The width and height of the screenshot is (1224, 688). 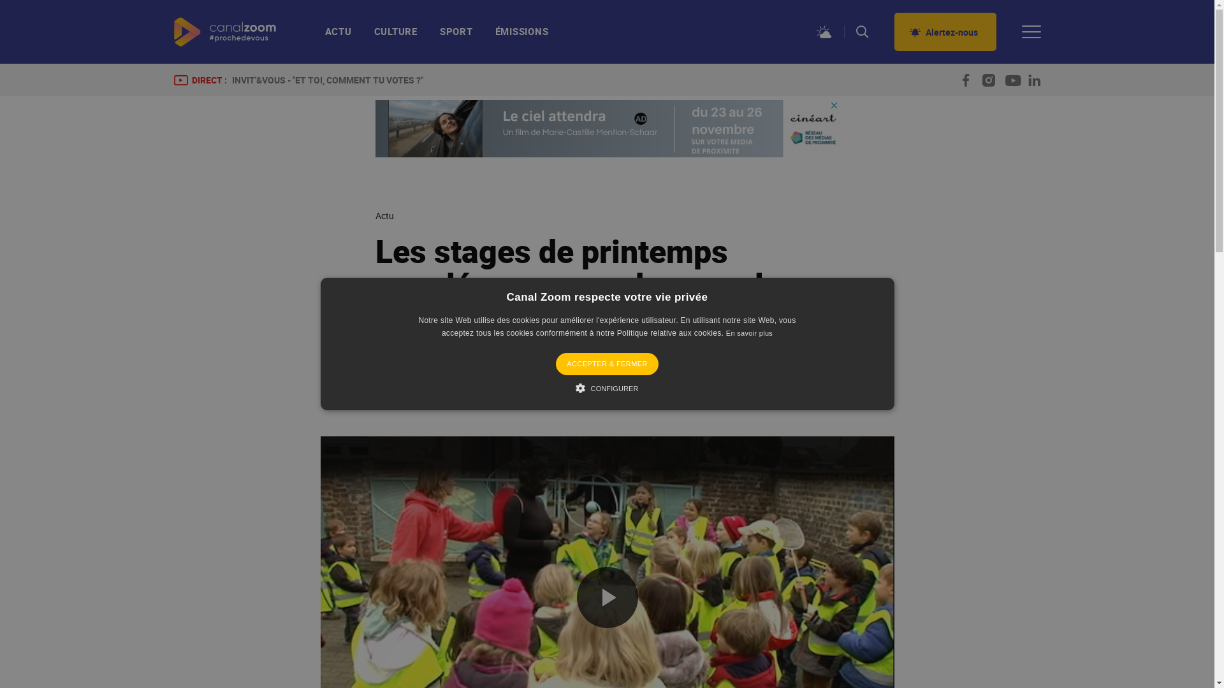 I want to click on 'CULTURE', so click(x=395, y=36).